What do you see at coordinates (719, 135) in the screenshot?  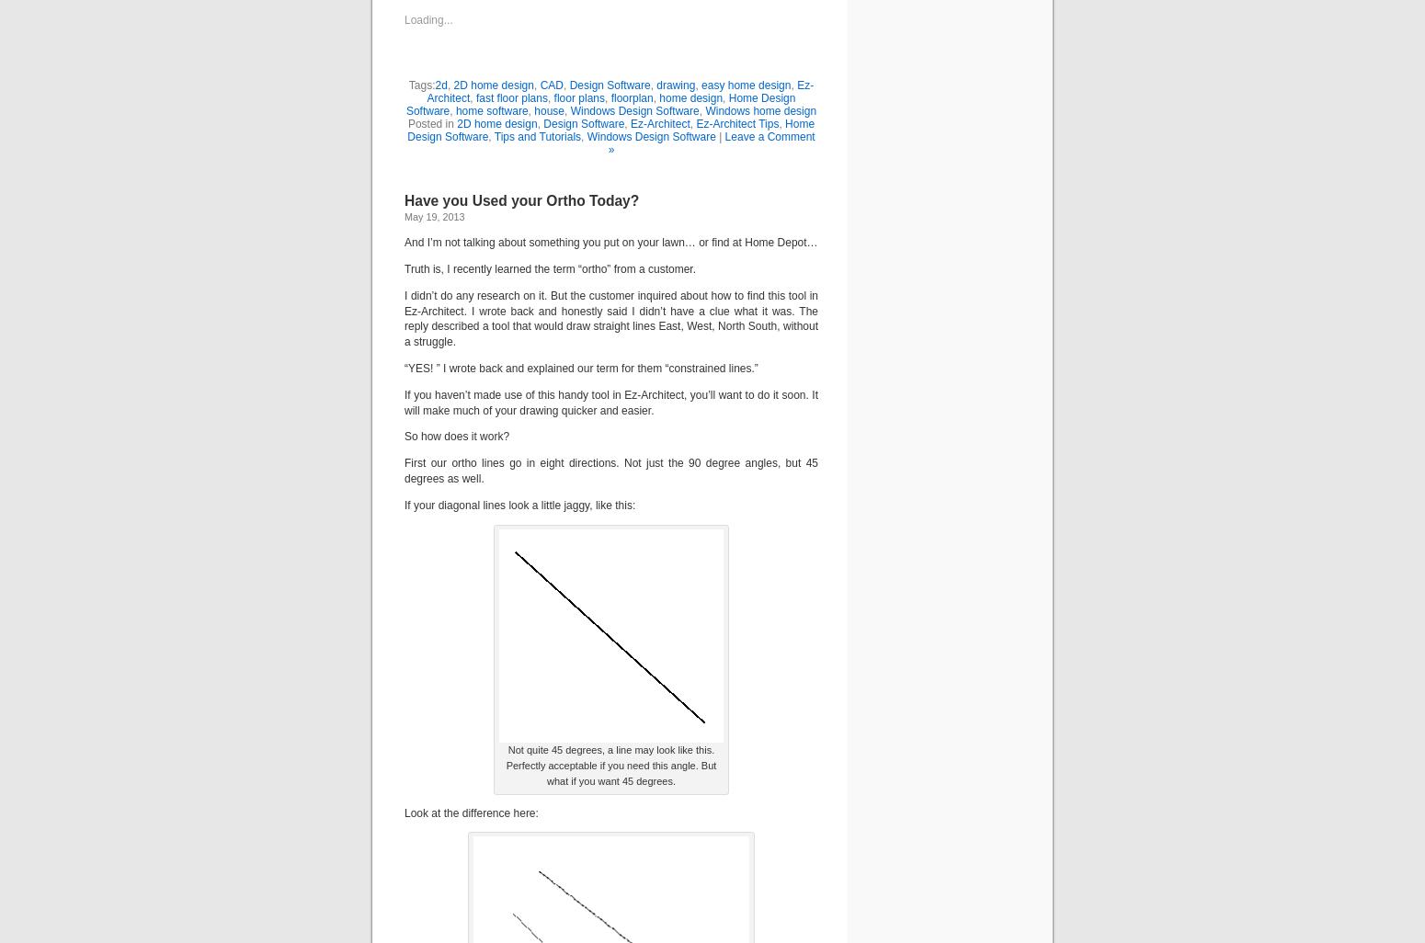 I see `'|'` at bounding box center [719, 135].